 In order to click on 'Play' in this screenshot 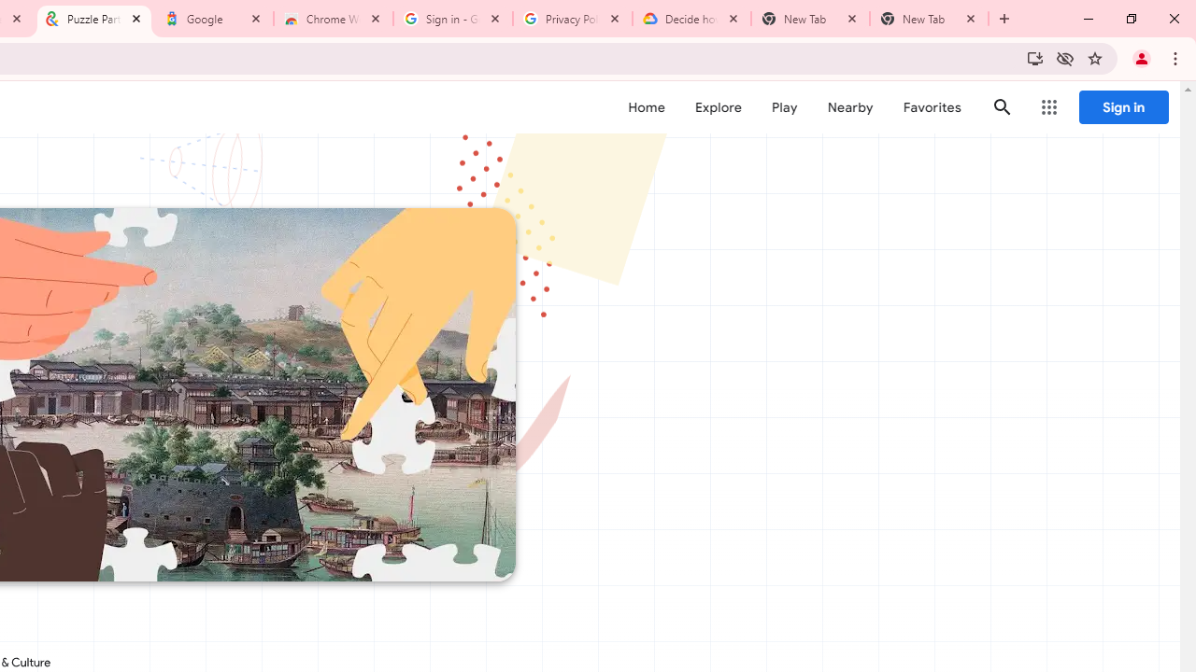, I will do `click(785, 107)`.